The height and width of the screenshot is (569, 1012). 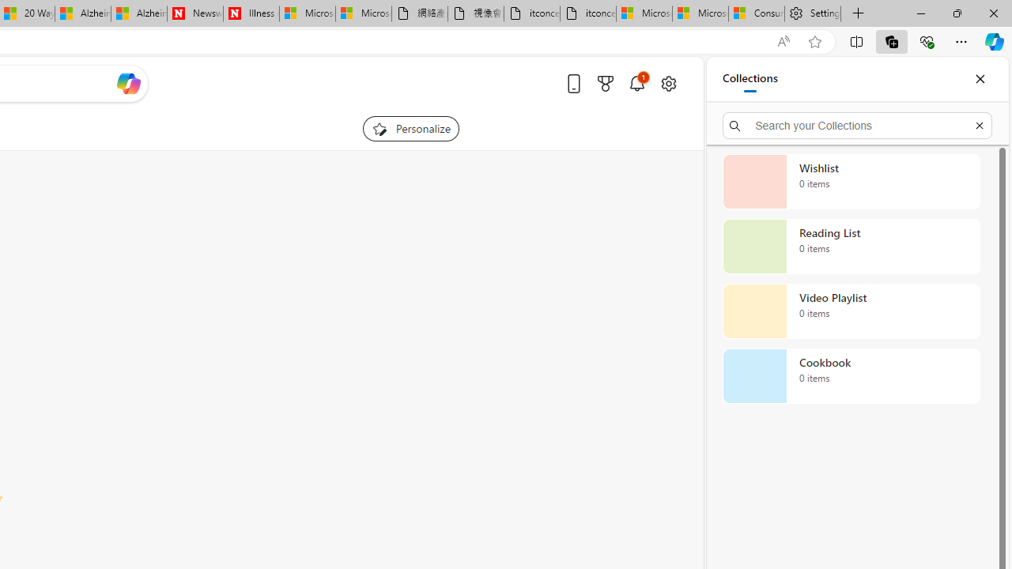 I want to click on 'Search your Collections', so click(x=856, y=125).